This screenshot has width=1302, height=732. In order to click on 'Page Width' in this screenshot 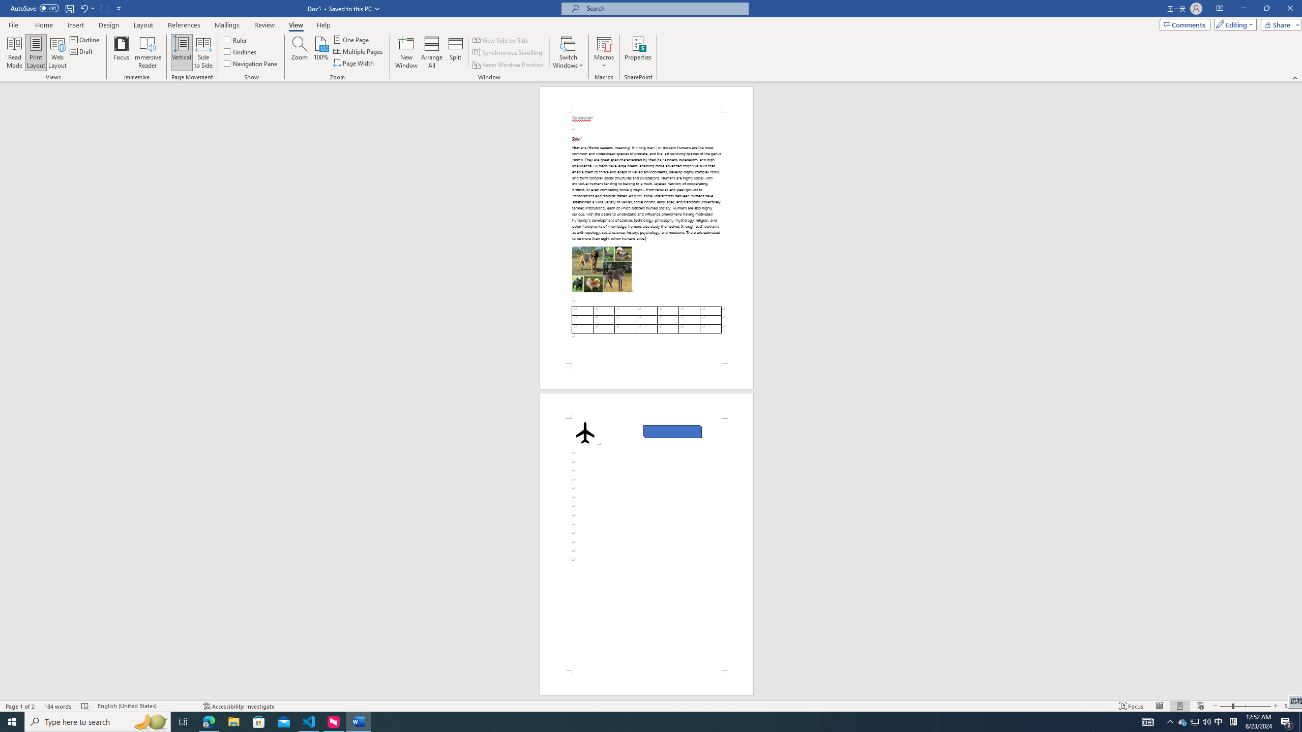, I will do `click(354, 62)`.